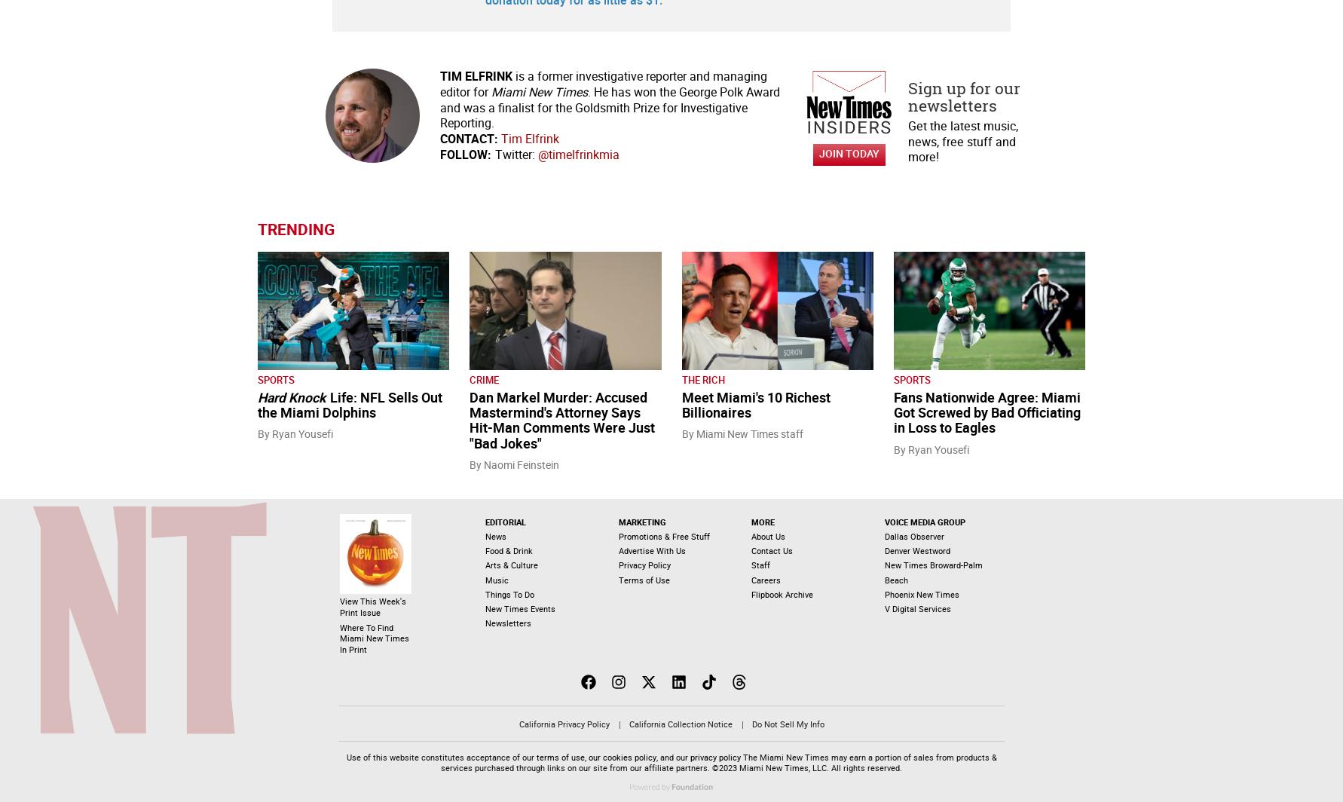  I want to click on 'Things To Do', so click(483, 593).